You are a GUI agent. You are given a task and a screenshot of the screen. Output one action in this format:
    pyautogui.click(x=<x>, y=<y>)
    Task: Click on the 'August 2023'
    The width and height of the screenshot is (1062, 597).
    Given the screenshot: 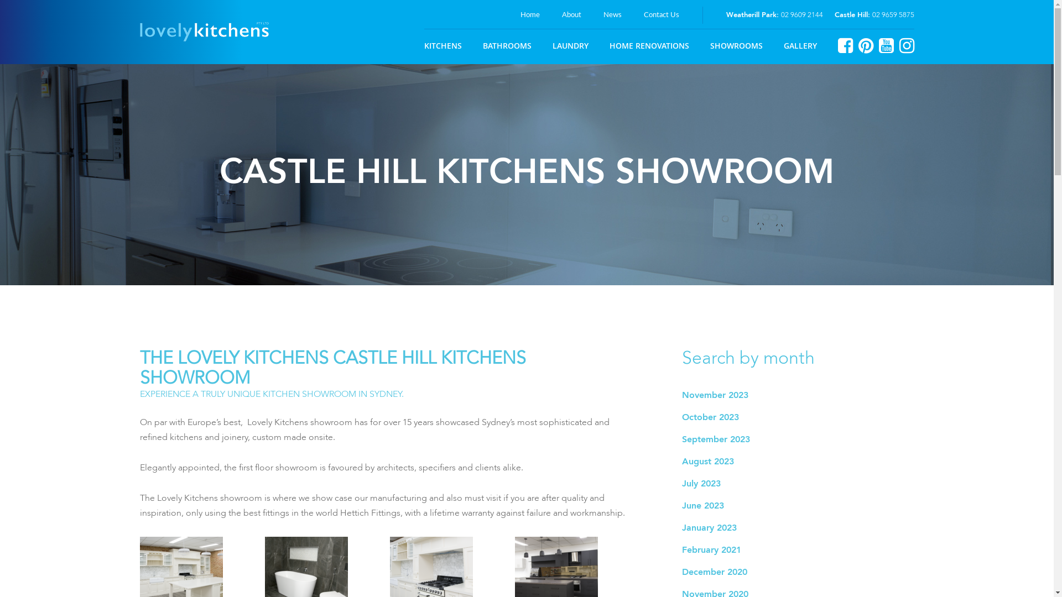 What is the action you would take?
    pyautogui.click(x=706, y=462)
    